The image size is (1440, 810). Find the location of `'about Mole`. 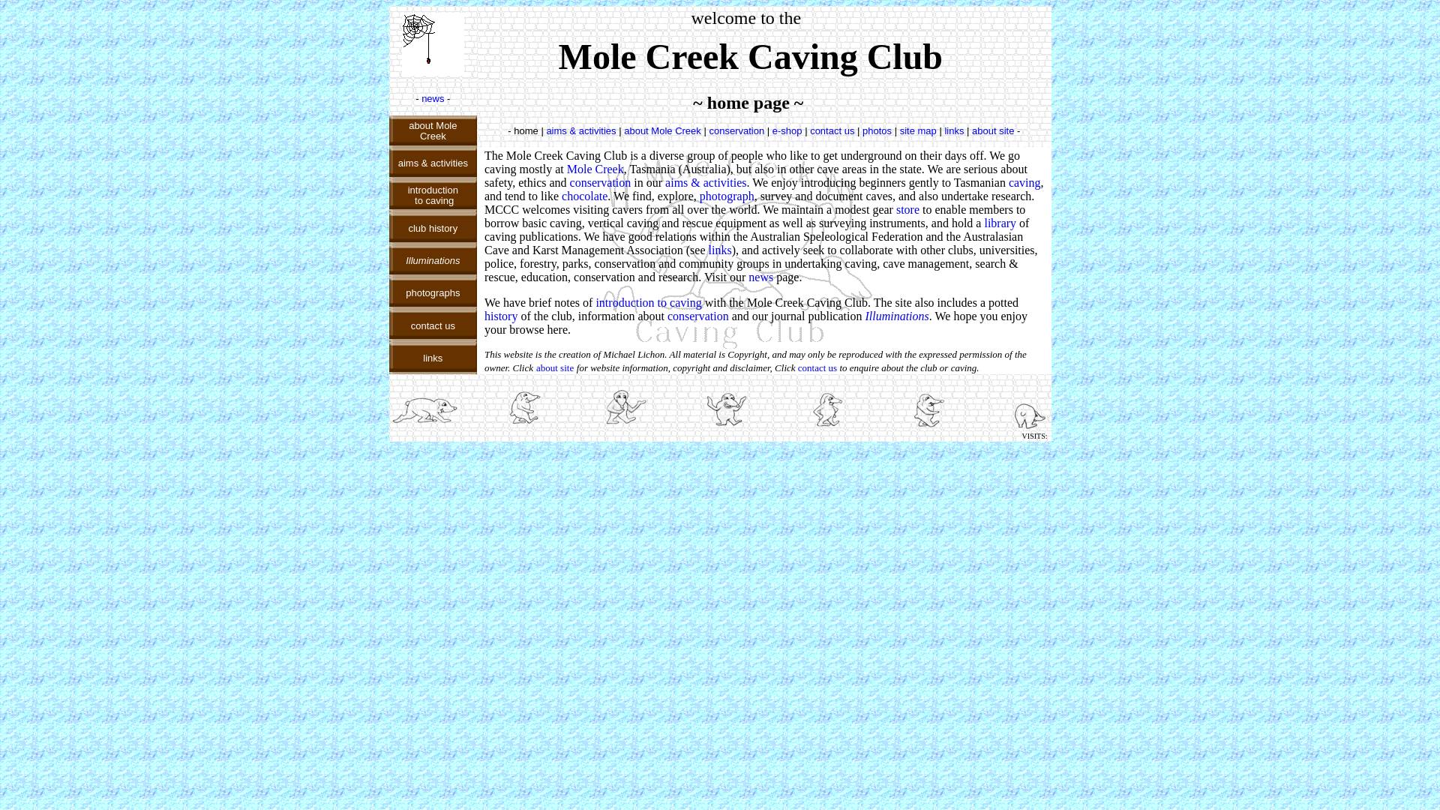

'about Mole is located at coordinates (431, 129).